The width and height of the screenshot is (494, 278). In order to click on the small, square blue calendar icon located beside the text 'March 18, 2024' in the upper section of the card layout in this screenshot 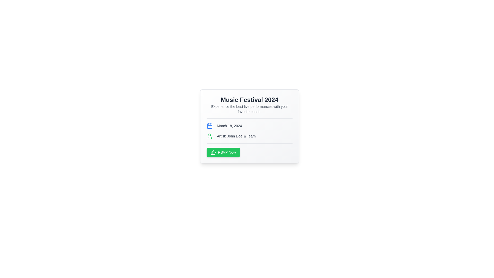, I will do `click(210, 126)`.